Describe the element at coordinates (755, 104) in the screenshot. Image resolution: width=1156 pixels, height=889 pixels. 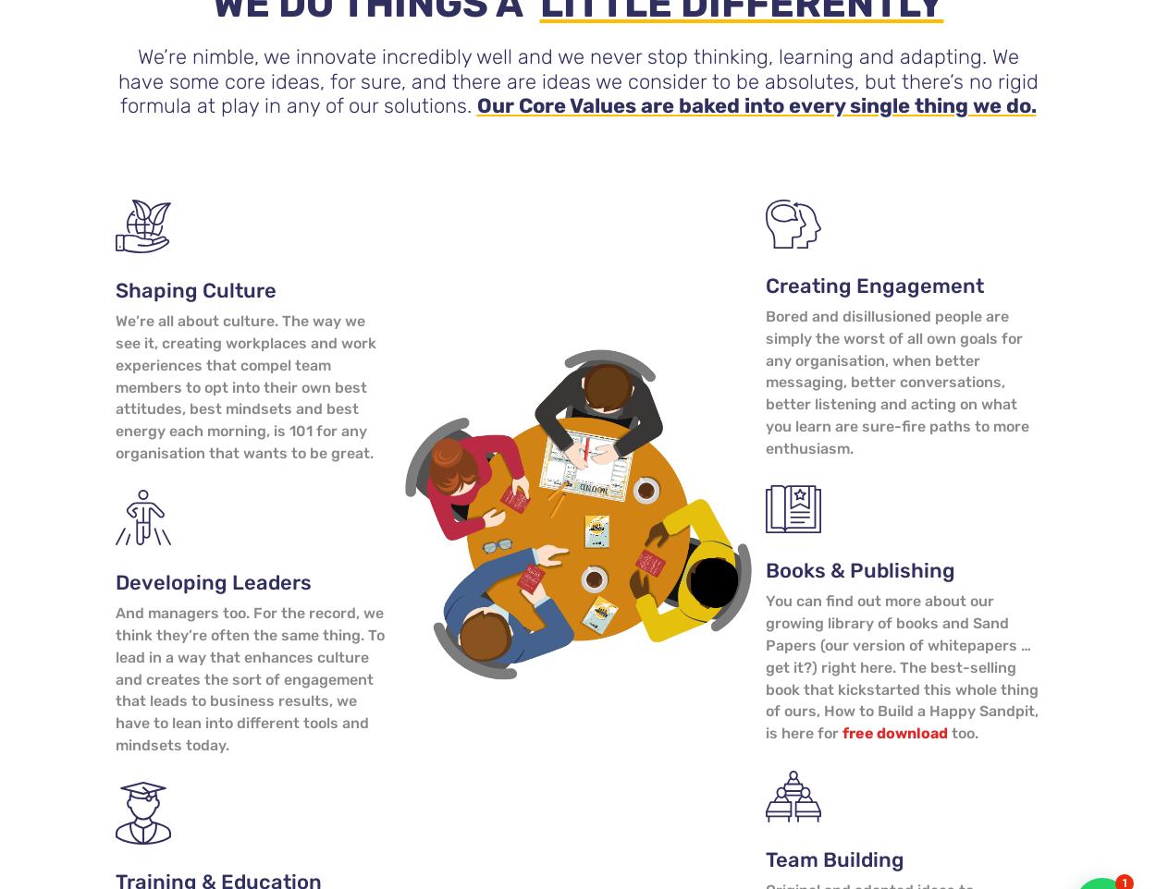
I see `'Our Core Values are baked into every single thing we do.'` at that location.